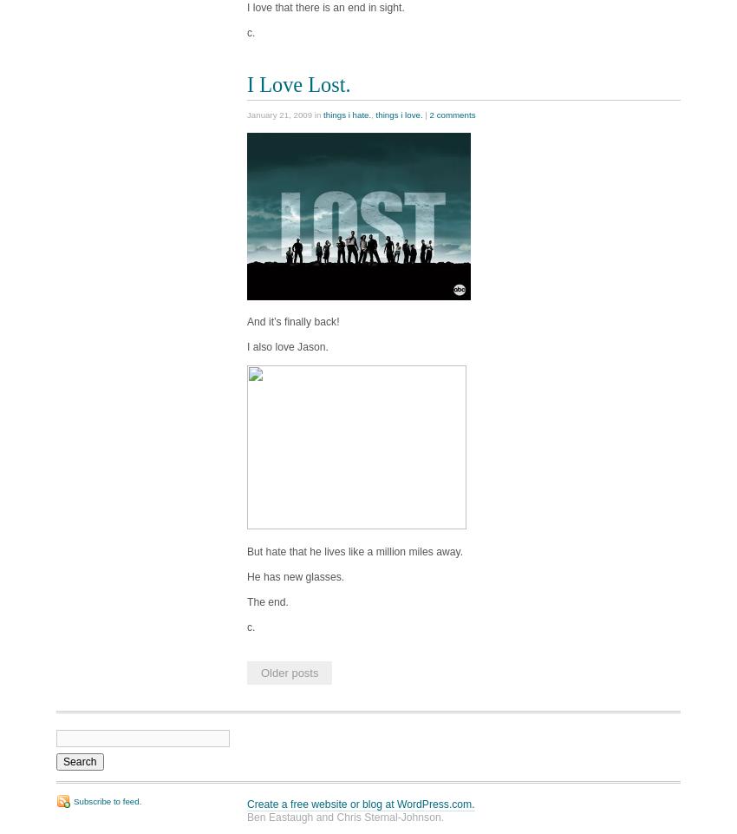 The width and height of the screenshot is (737, 834). I want to click on 'Older posts', so click(260, 671).